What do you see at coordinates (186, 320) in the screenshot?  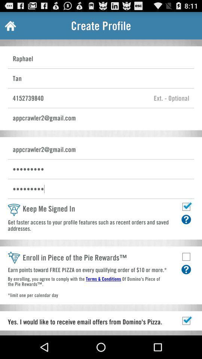 I see `check box to select` at bounding box center [186, 320].